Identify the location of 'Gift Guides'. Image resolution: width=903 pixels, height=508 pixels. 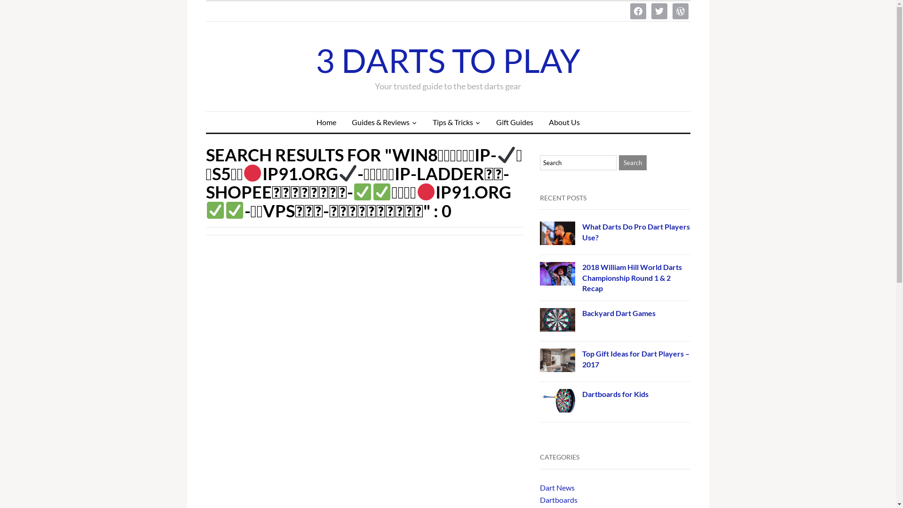
(514, 121).